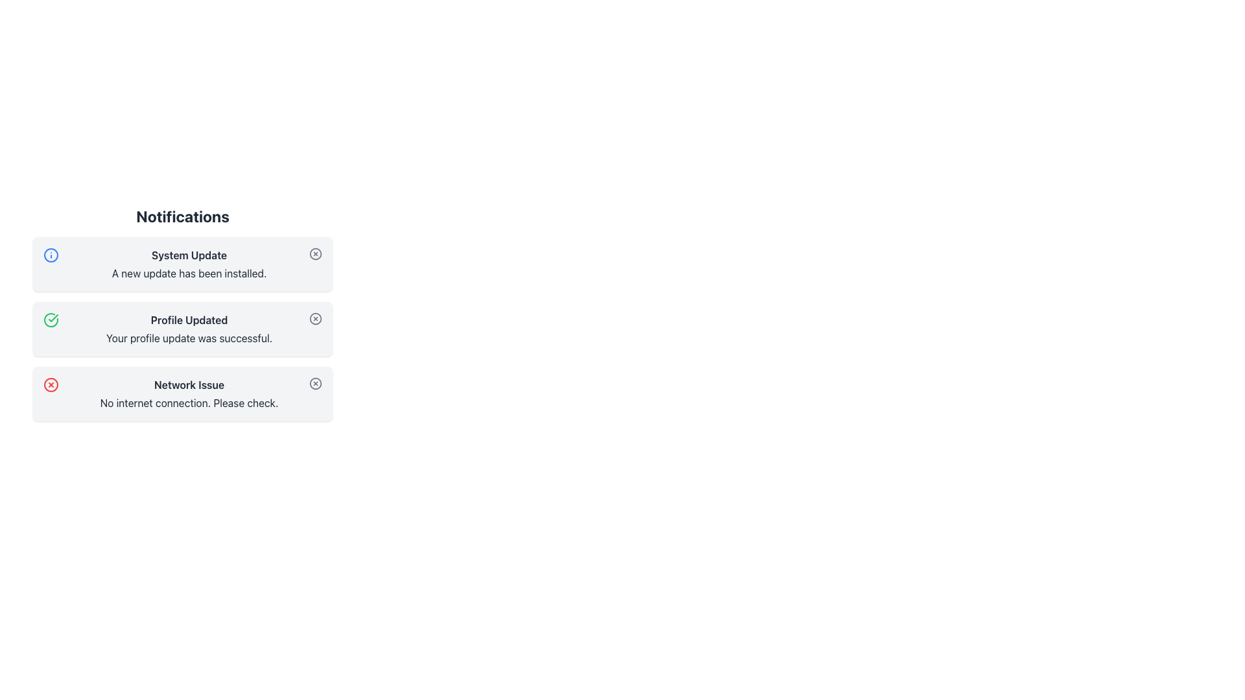 This screenshot has width=1245, height=700. I want to click on text 'Network Issue' from the top of the third notification in the list, so click(189, 384).